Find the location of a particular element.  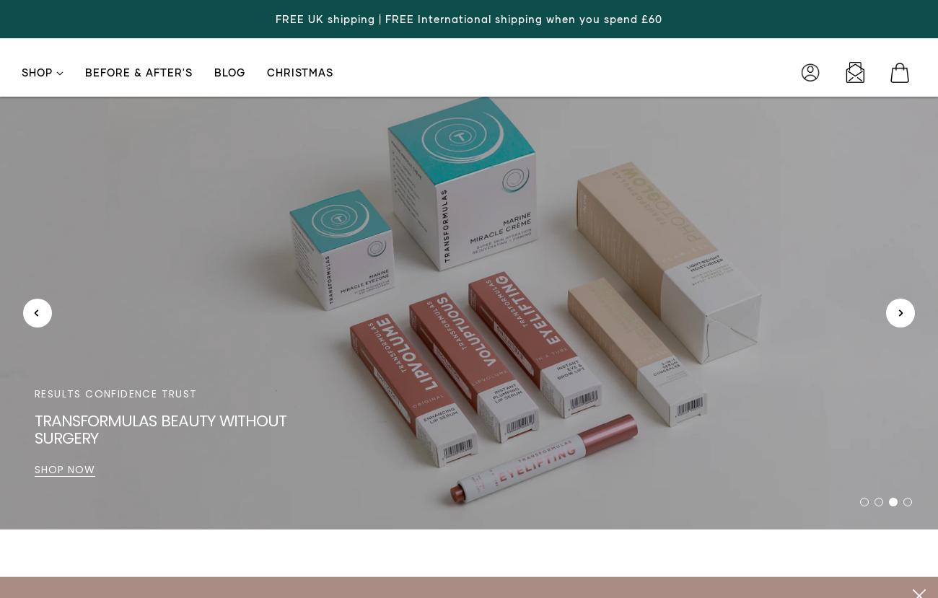

'ELEVATE YOUR SKIN' is located at coordinates (88, 410).